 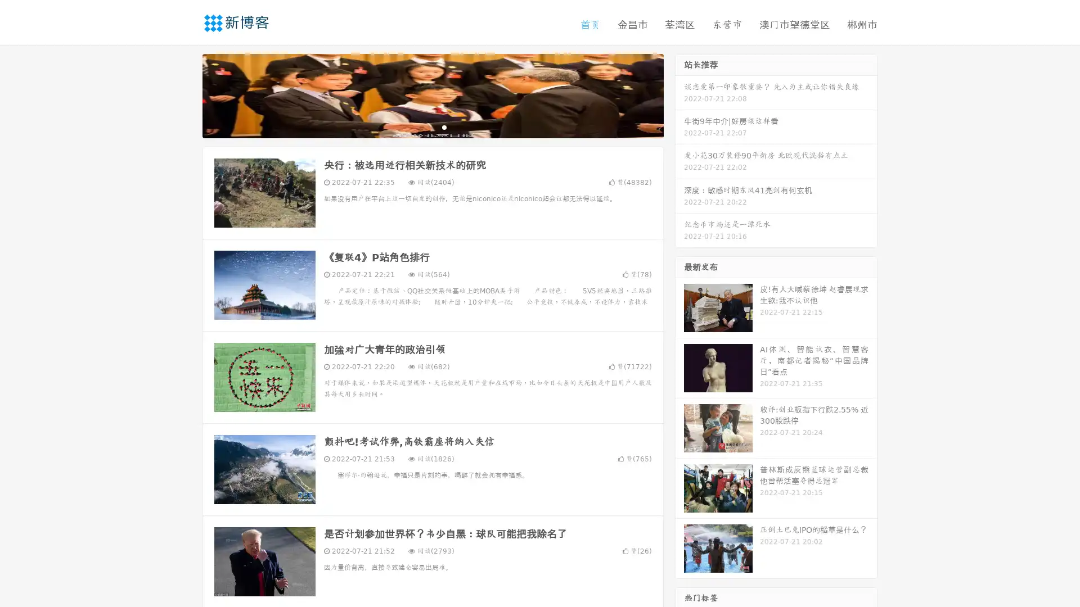 What do you see at coordinates (444, 126) in the screenshot?
I see `Go to slide 3` at bounding box center [444, 126].